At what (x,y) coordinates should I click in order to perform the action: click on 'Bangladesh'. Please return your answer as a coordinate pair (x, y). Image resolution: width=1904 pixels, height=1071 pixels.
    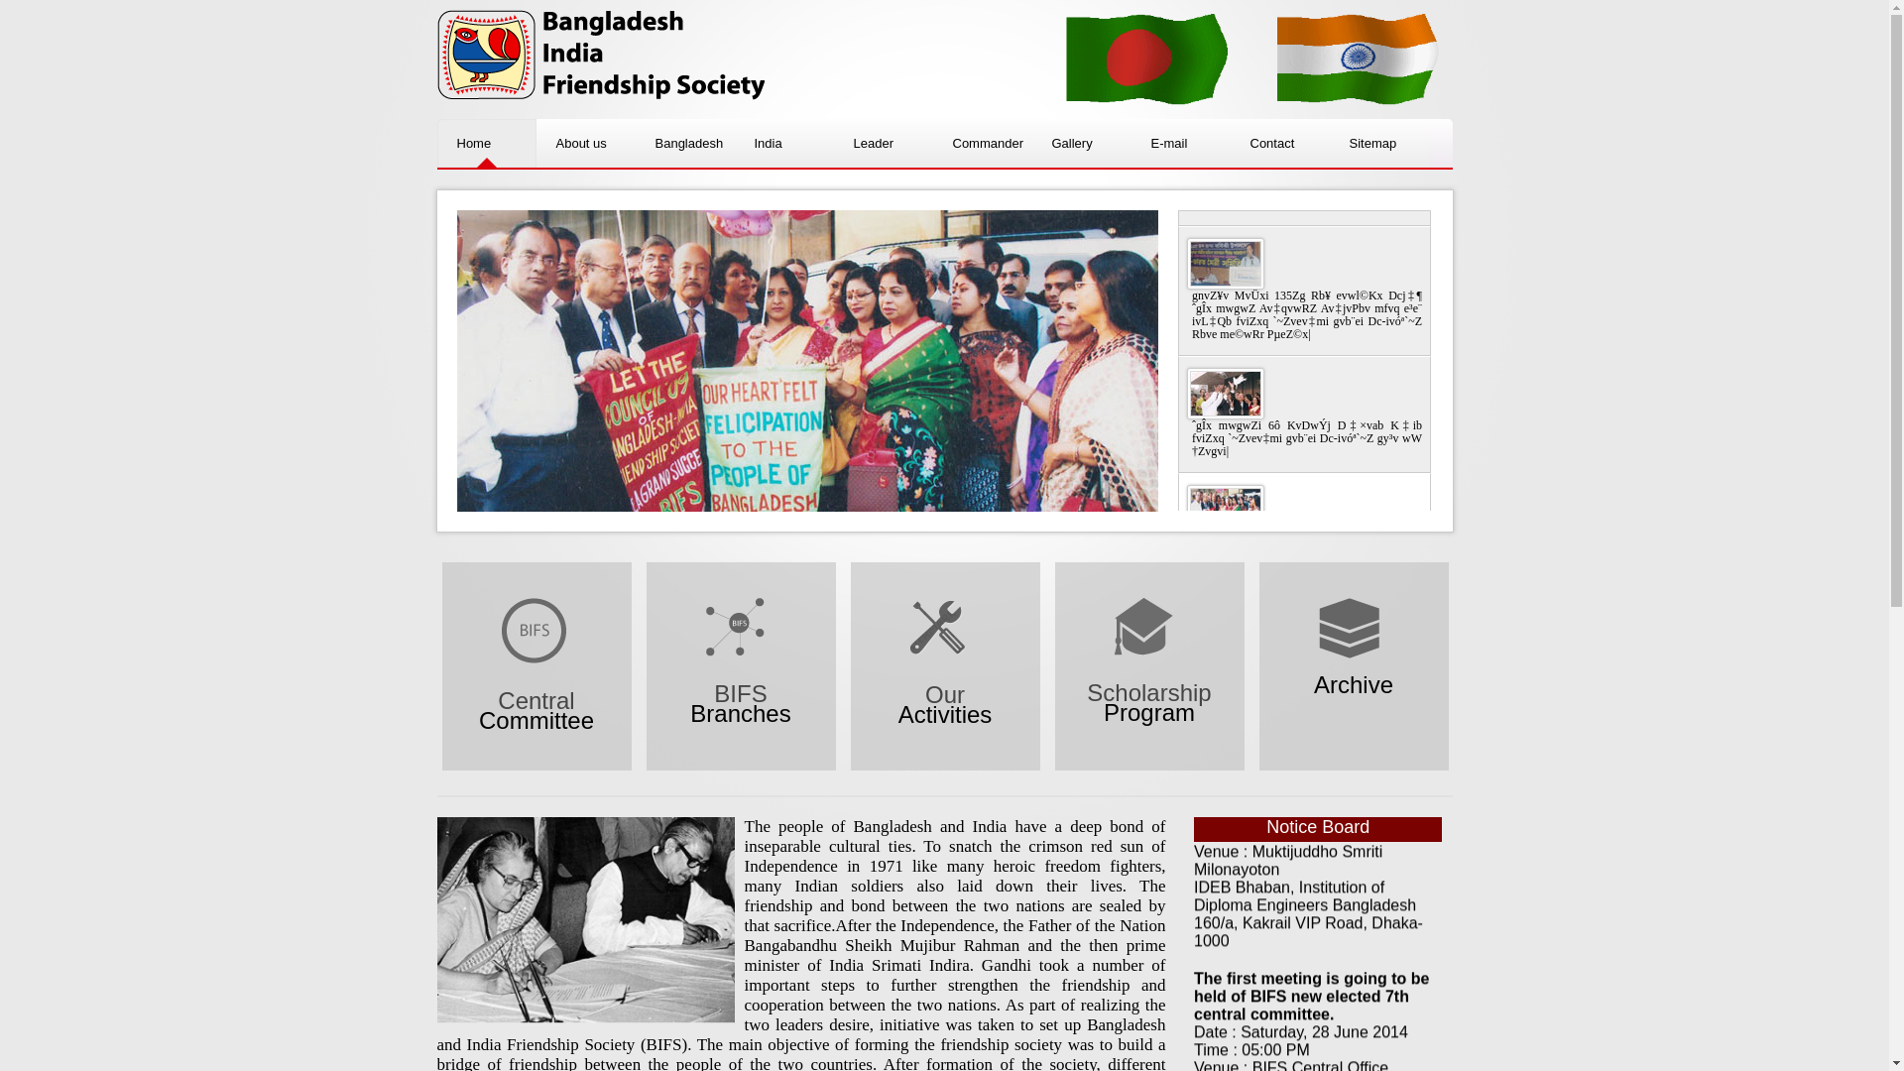
    Looking at the image, I should click on (684, 142).